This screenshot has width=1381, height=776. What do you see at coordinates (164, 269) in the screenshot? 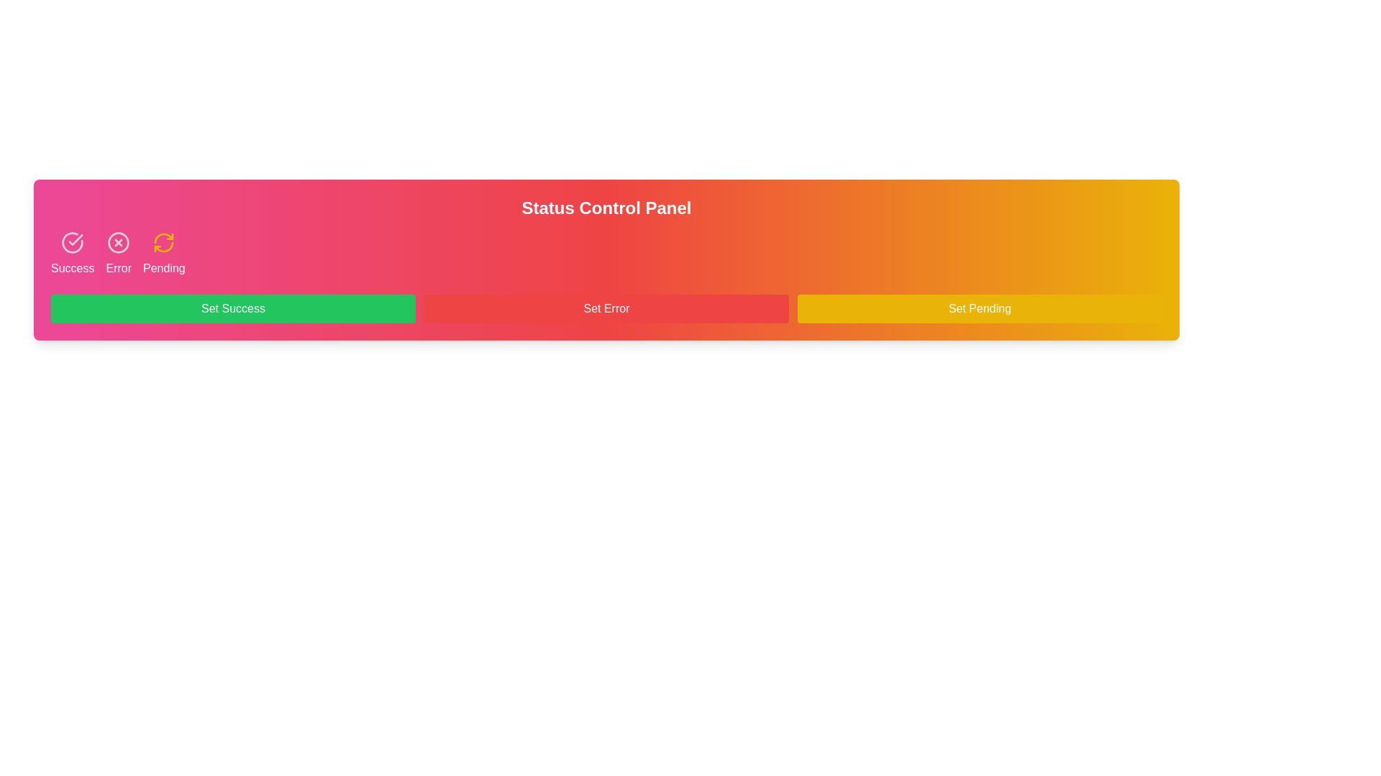
I see `the static text label indicating the 'Pending' status, which is the third label in a horizontal row of status indicators, located within a pink-colored bar at the top left of the application interface` at bounding box center [164, 269].